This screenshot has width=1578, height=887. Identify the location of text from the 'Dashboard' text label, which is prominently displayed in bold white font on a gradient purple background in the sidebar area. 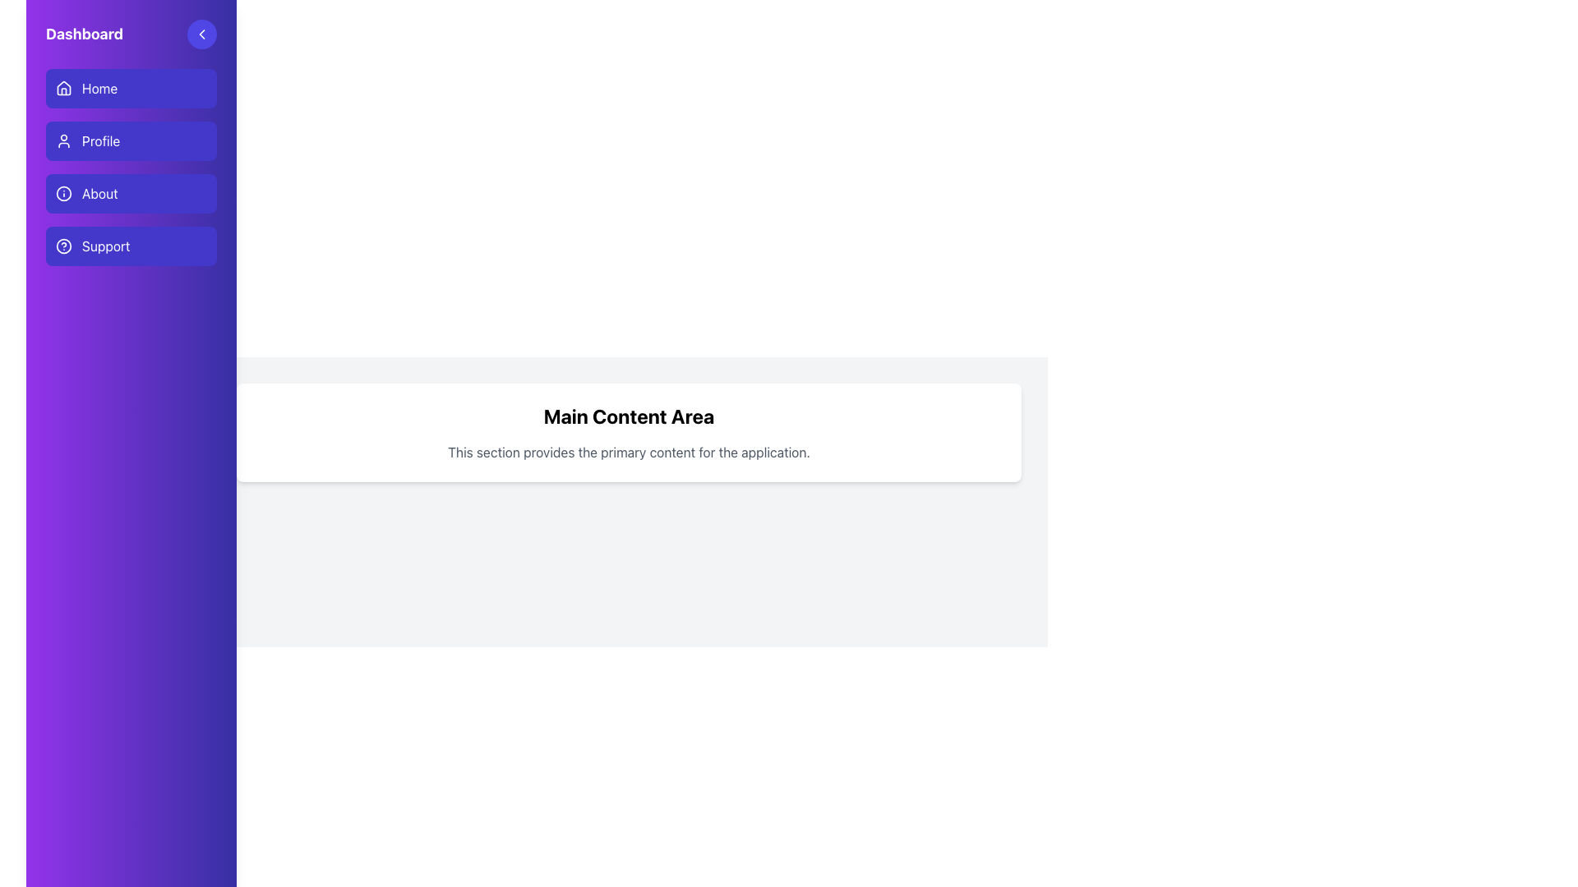
(84, 34).